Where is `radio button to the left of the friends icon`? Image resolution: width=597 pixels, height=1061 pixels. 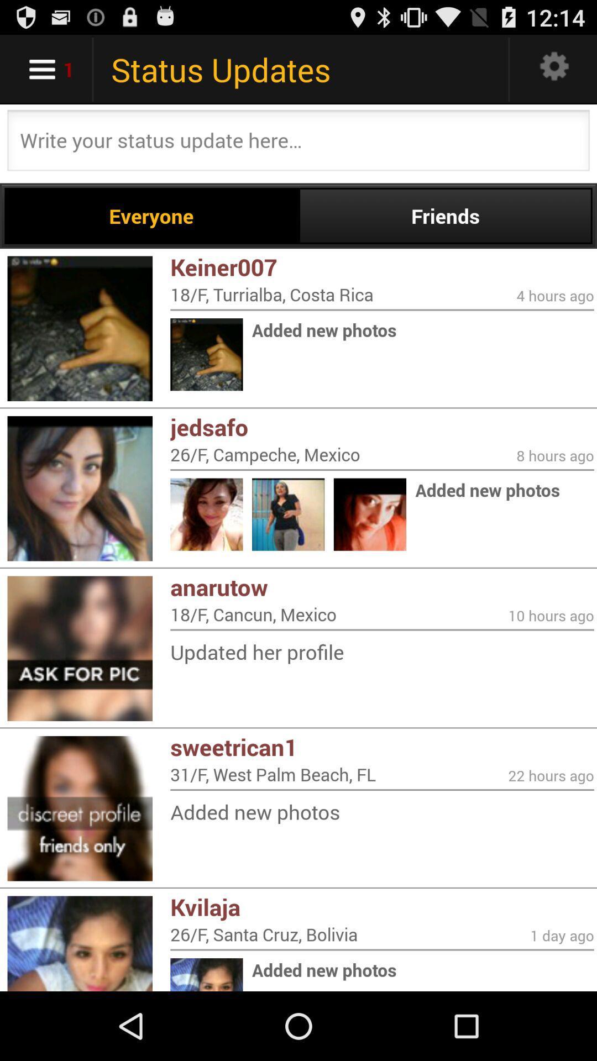
radio button to the left of the friends icon is located at coordinates (151, 216).